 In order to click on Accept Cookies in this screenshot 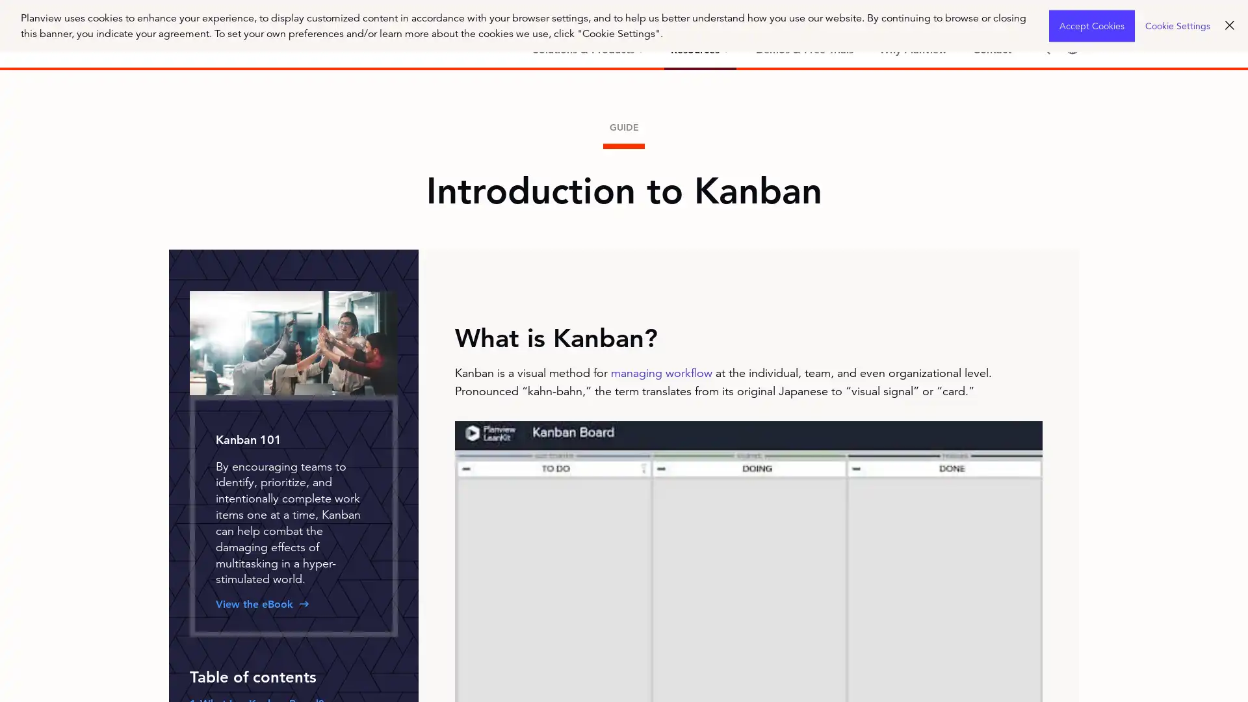, I will do `click(1092, 25)`.